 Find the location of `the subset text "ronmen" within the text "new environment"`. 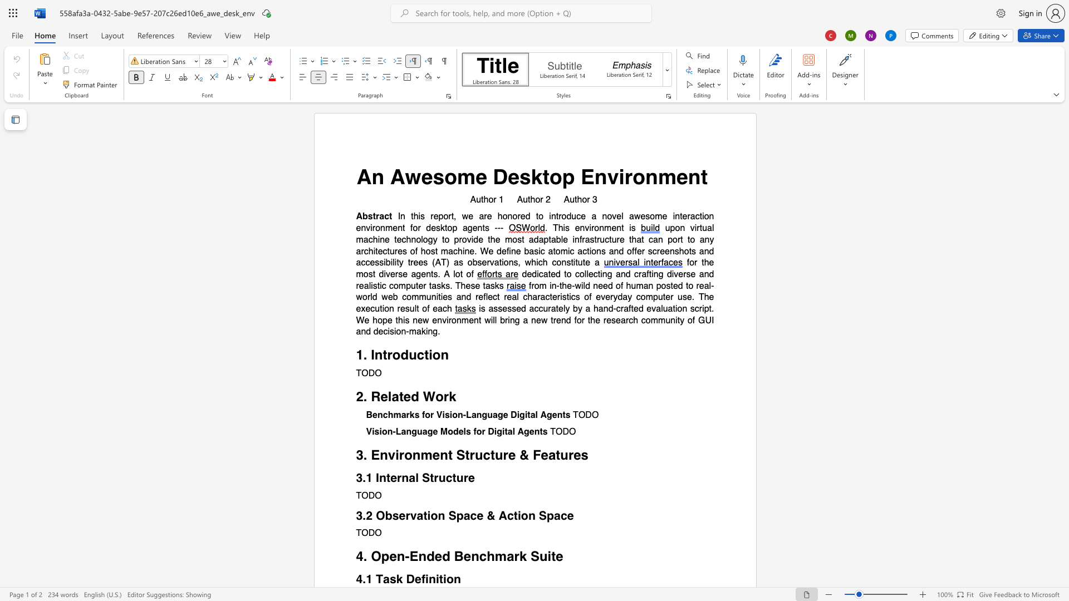

the subset text "ronmen" within the text "new environment" is located at coordinates (448, 320).